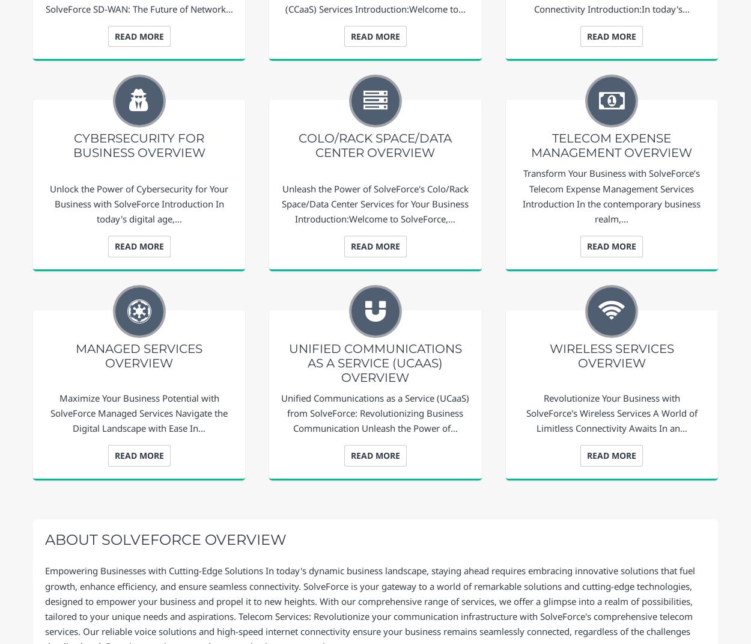  I want to click on 'Revolutionize Your Business with SolveForce's Wireless Services A World of Limitless Connectivity Awaits In an…', so click(611, 411).